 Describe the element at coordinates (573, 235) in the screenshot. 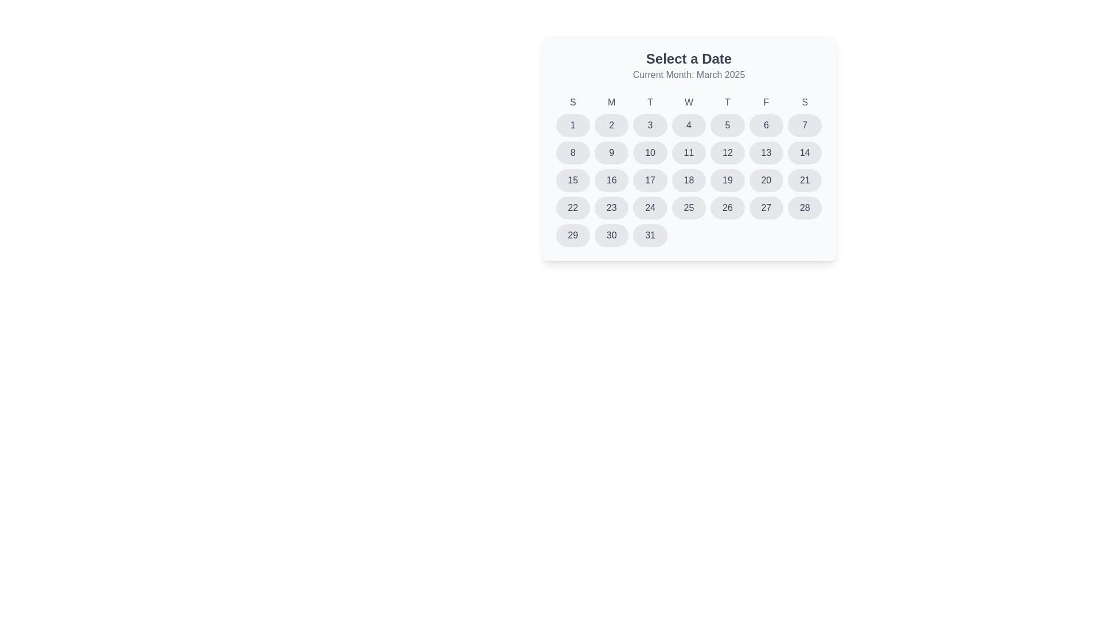

I see `the button representing the 29th day of the month` at that location.